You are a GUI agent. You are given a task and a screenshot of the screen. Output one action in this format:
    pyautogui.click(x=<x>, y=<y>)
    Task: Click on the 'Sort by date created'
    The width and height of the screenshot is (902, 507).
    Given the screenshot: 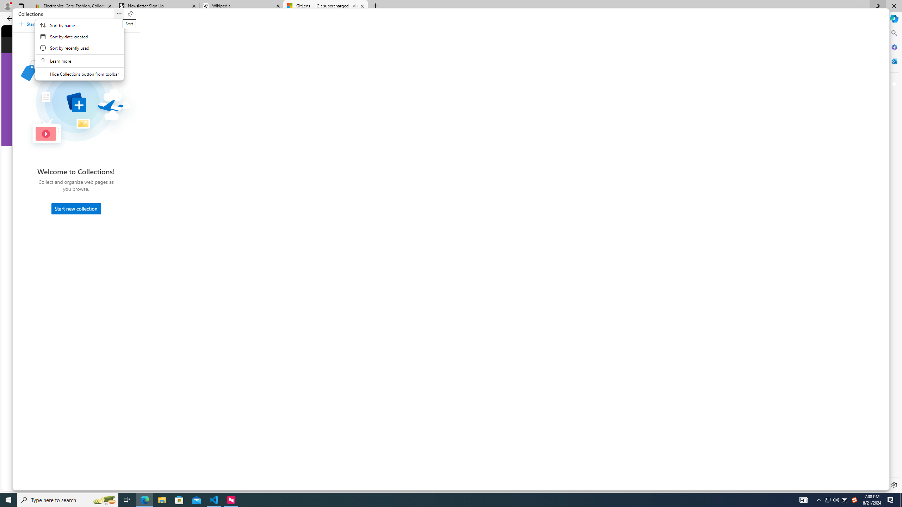 What is the action you would take?
    pyautogui.click(x=79, y=36)
    